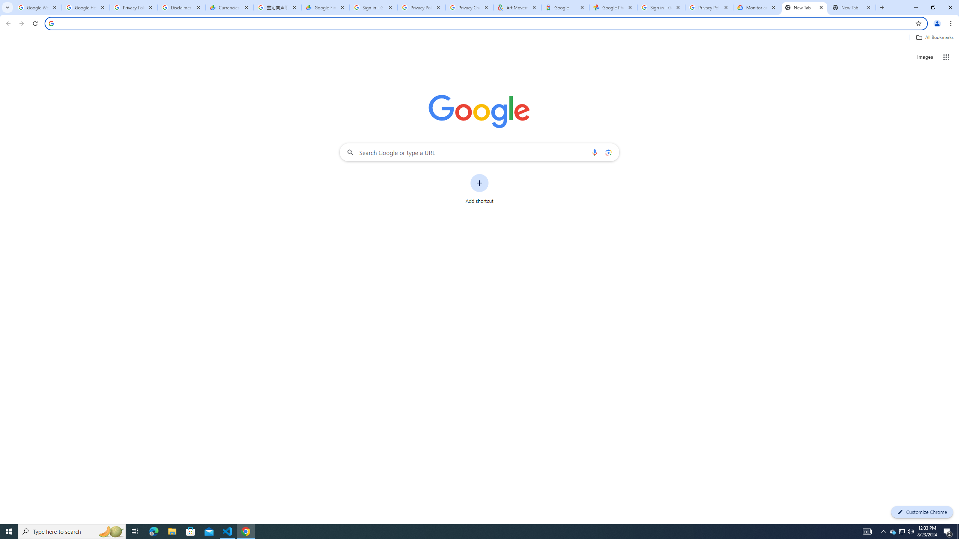  Describe the element at coordinates (804, 7) in the screenshot. I see `'New Tab'` at that location.